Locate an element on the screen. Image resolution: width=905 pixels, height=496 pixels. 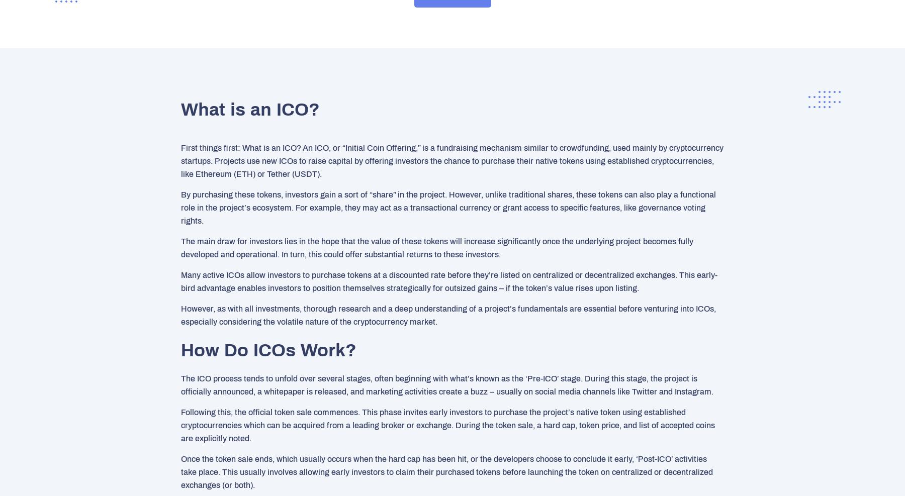
'Following this, the official token sale commences. This phase invites early investors to purchase the project’s native token using established cryptocurrencies which can be acquired from a leading broker or exchange. During the token sale, a hard cap, token price, and list of accepted coins are explicitly noted.' is located at coordinates (448, 425).